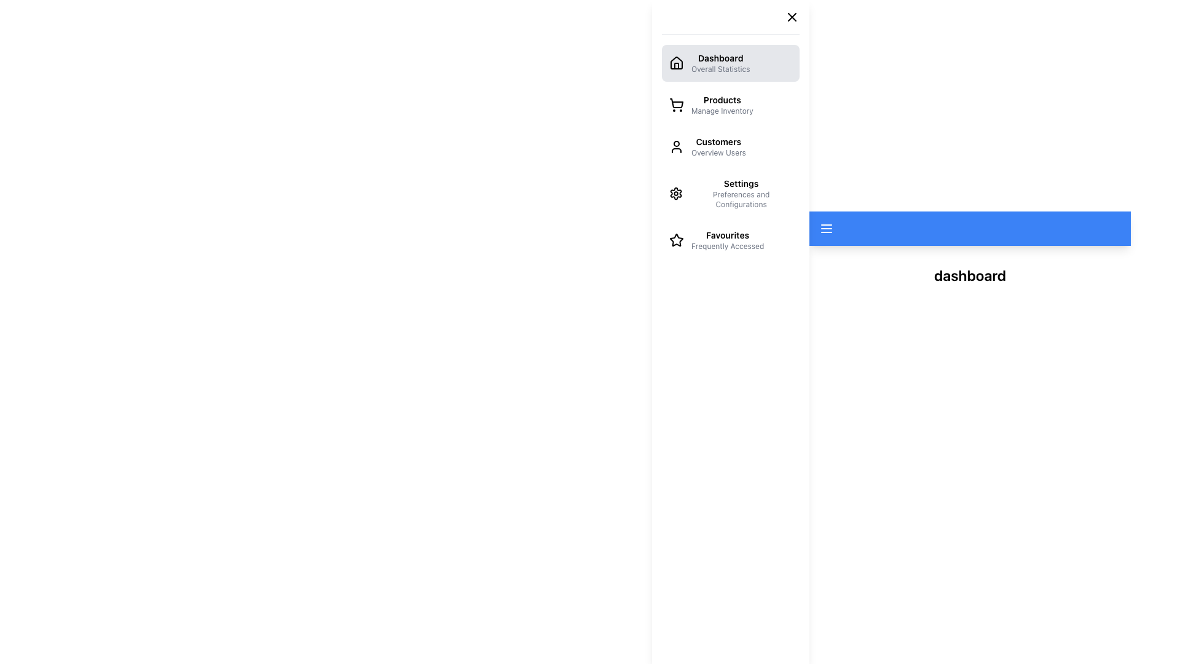  Describe the element at coordinates (741, 199) in the screenshot. I see `the Text Label displaying 'Preferences and Configurations', which is styled in a small, gray font and positioned directly beneath the 'Settings' text in the sidebar menu` at that location.